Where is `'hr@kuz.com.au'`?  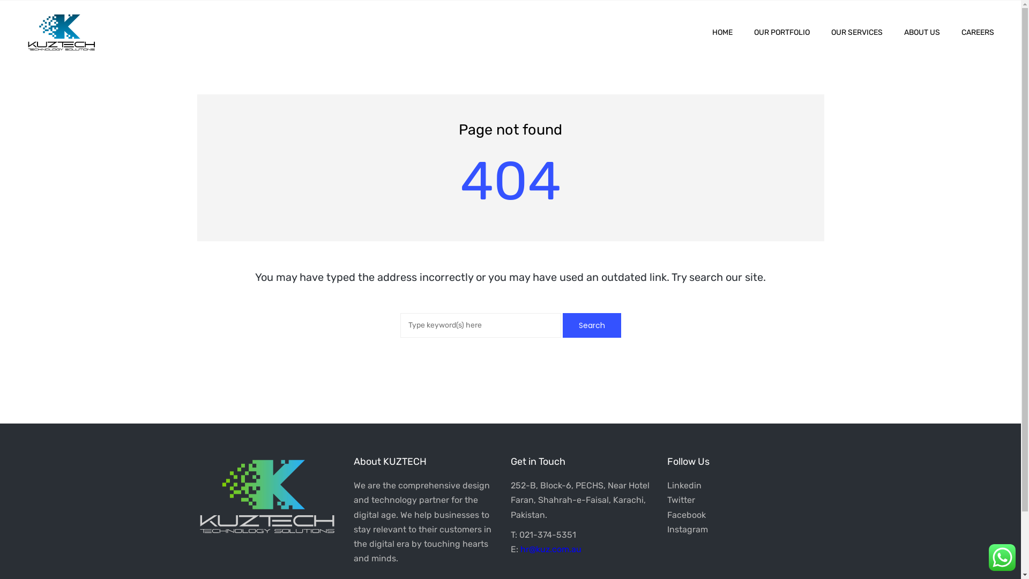
'hr@kuz.com.au' is located at coordinates (550, 549).